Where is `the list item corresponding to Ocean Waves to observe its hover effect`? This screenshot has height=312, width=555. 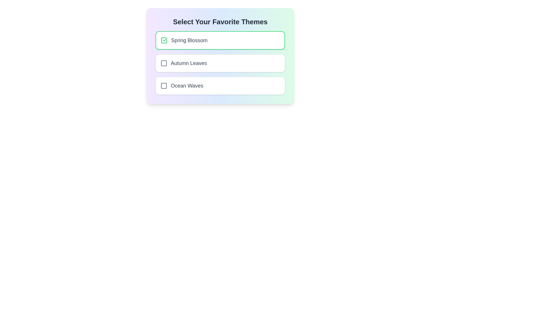
the list item corresponding to Ocean Waves to observe its hover effect is located at coordinates (220, 86).